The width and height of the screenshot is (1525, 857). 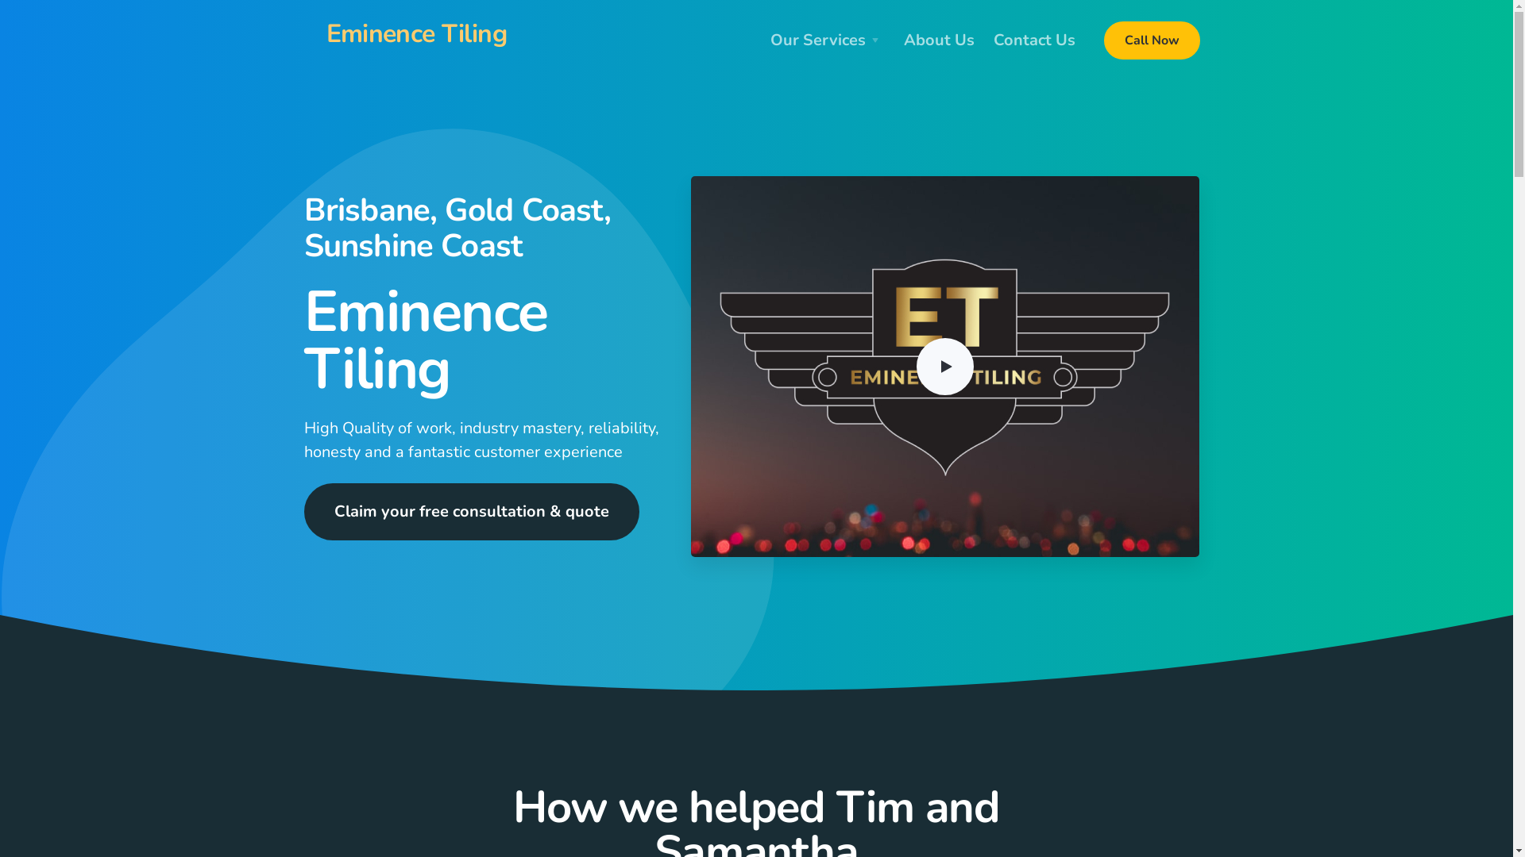 I want to click on 'Call Now', so click(x=1152, y=39).